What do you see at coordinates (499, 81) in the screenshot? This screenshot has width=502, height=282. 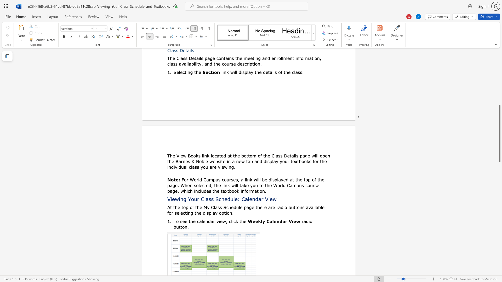 I see `the scrollbar to scroll the page up` at bounding box center [499, 81].